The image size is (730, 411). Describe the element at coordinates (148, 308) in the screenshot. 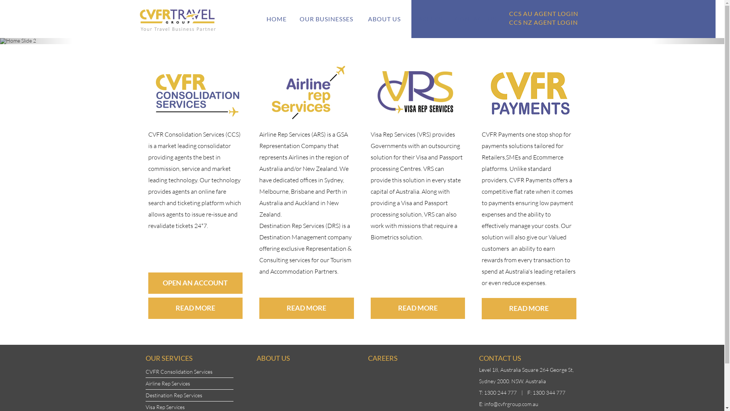

I see `'READ MORE'` at that location.